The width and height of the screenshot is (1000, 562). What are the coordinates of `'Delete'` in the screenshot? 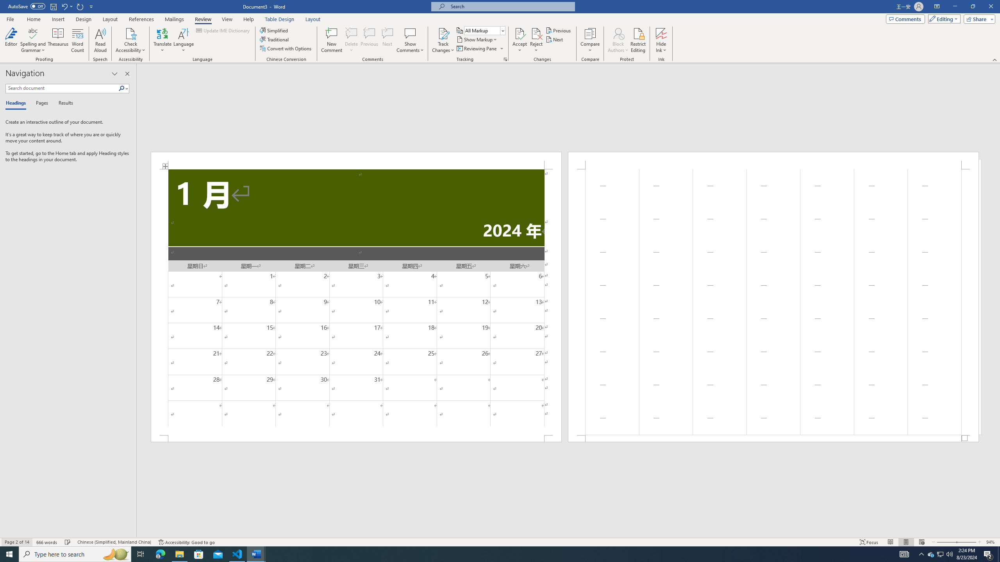 It's located at (351, 40).